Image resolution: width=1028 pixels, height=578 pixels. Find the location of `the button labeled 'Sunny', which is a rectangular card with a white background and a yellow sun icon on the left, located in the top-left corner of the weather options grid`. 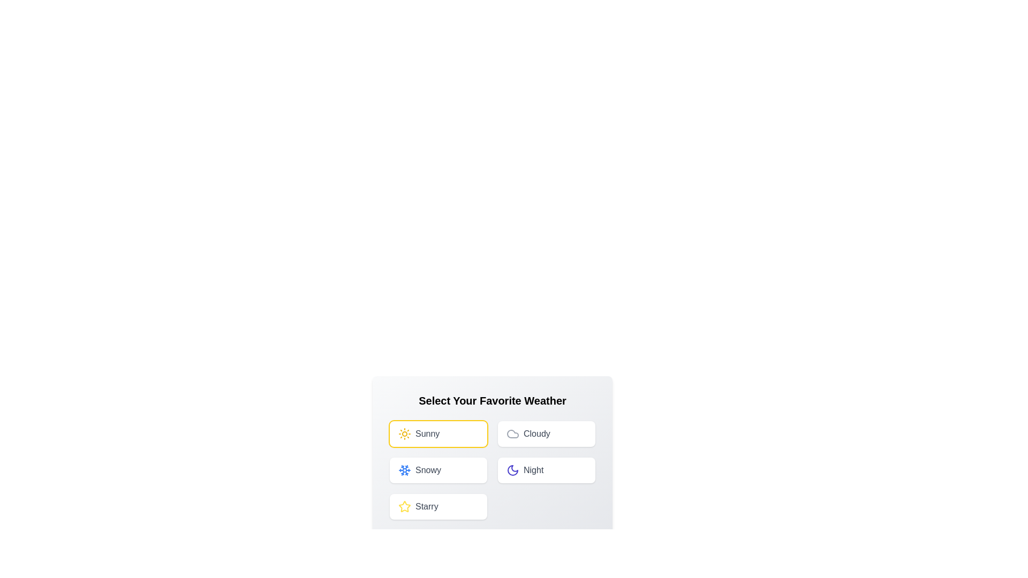

the button labeled 'Sunny', which is a rectangular card with a white background and a yellow sun icon on the left, located in the top-left corner of the weather options grid is located at coordinates (439, 433).